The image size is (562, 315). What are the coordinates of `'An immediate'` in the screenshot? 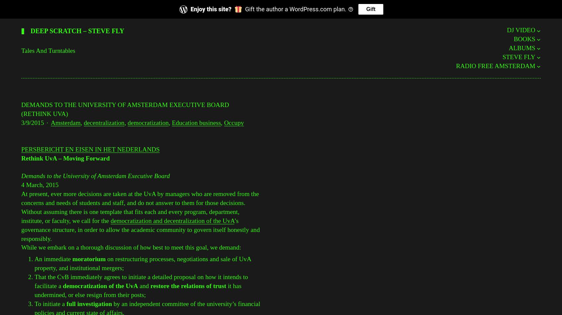 It's located at (52, 259).